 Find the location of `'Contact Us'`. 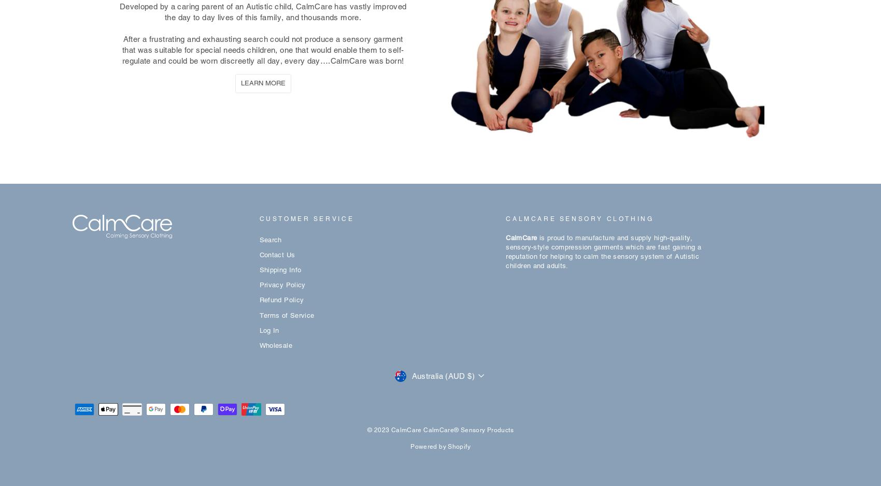

'Contact Us' is located at coordinates (276, 254).